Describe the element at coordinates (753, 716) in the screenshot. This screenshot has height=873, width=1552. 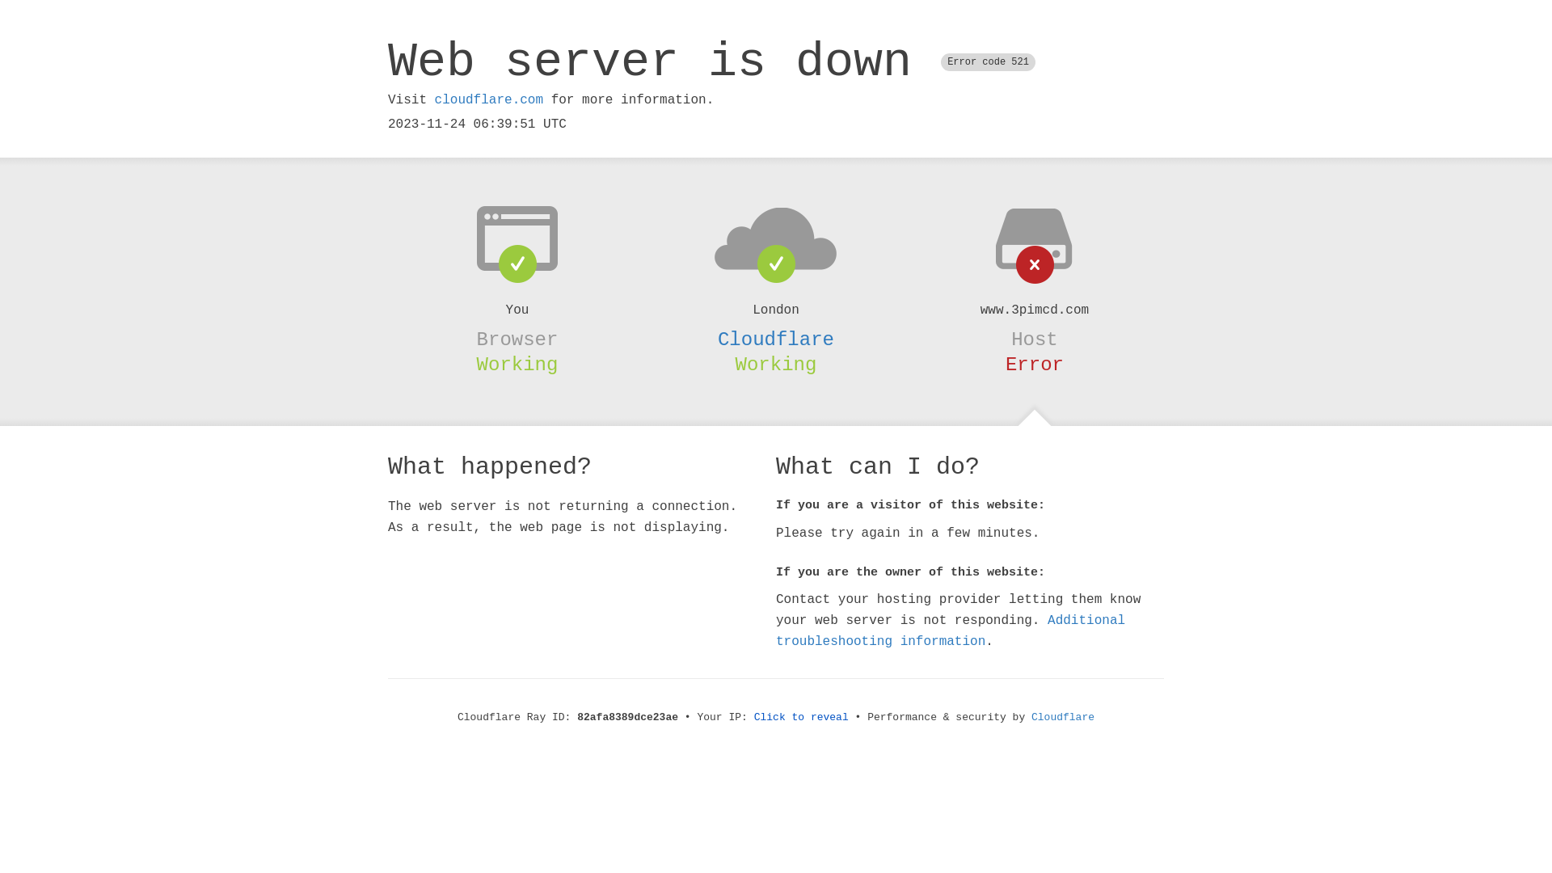
I see `'Click to reveal'` at that location.